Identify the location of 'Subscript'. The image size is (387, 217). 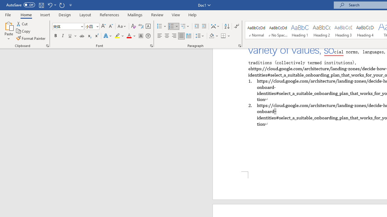
(89, 36).